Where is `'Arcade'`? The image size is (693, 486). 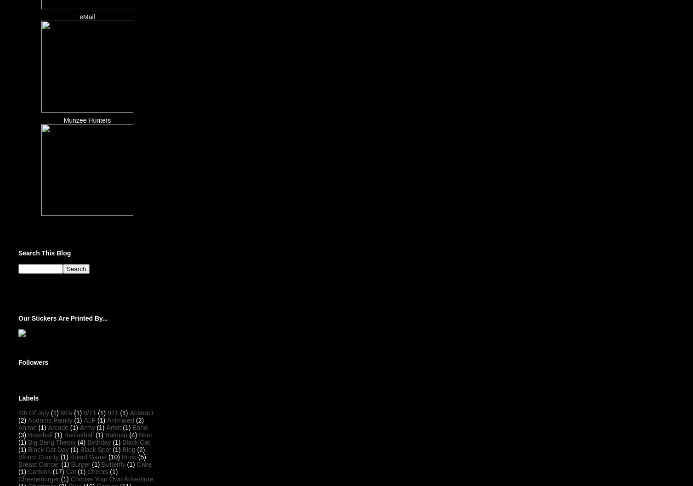 'Arcade' is located at coordinates (48, 427).